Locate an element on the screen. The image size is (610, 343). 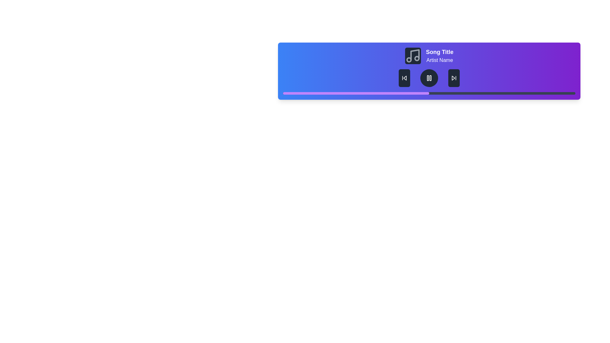
the static text displaying the artist's name, which is located directly beneath the 'Song Title' text in the media player interface is located at coordinates (439, 60).